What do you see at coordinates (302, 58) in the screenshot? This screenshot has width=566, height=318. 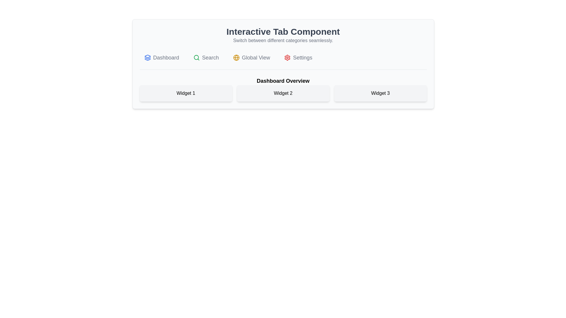 I see `the text label that is part of the settings or configuration feature, located among navigation items at the top of the interface` at bounding box center [302, 58].